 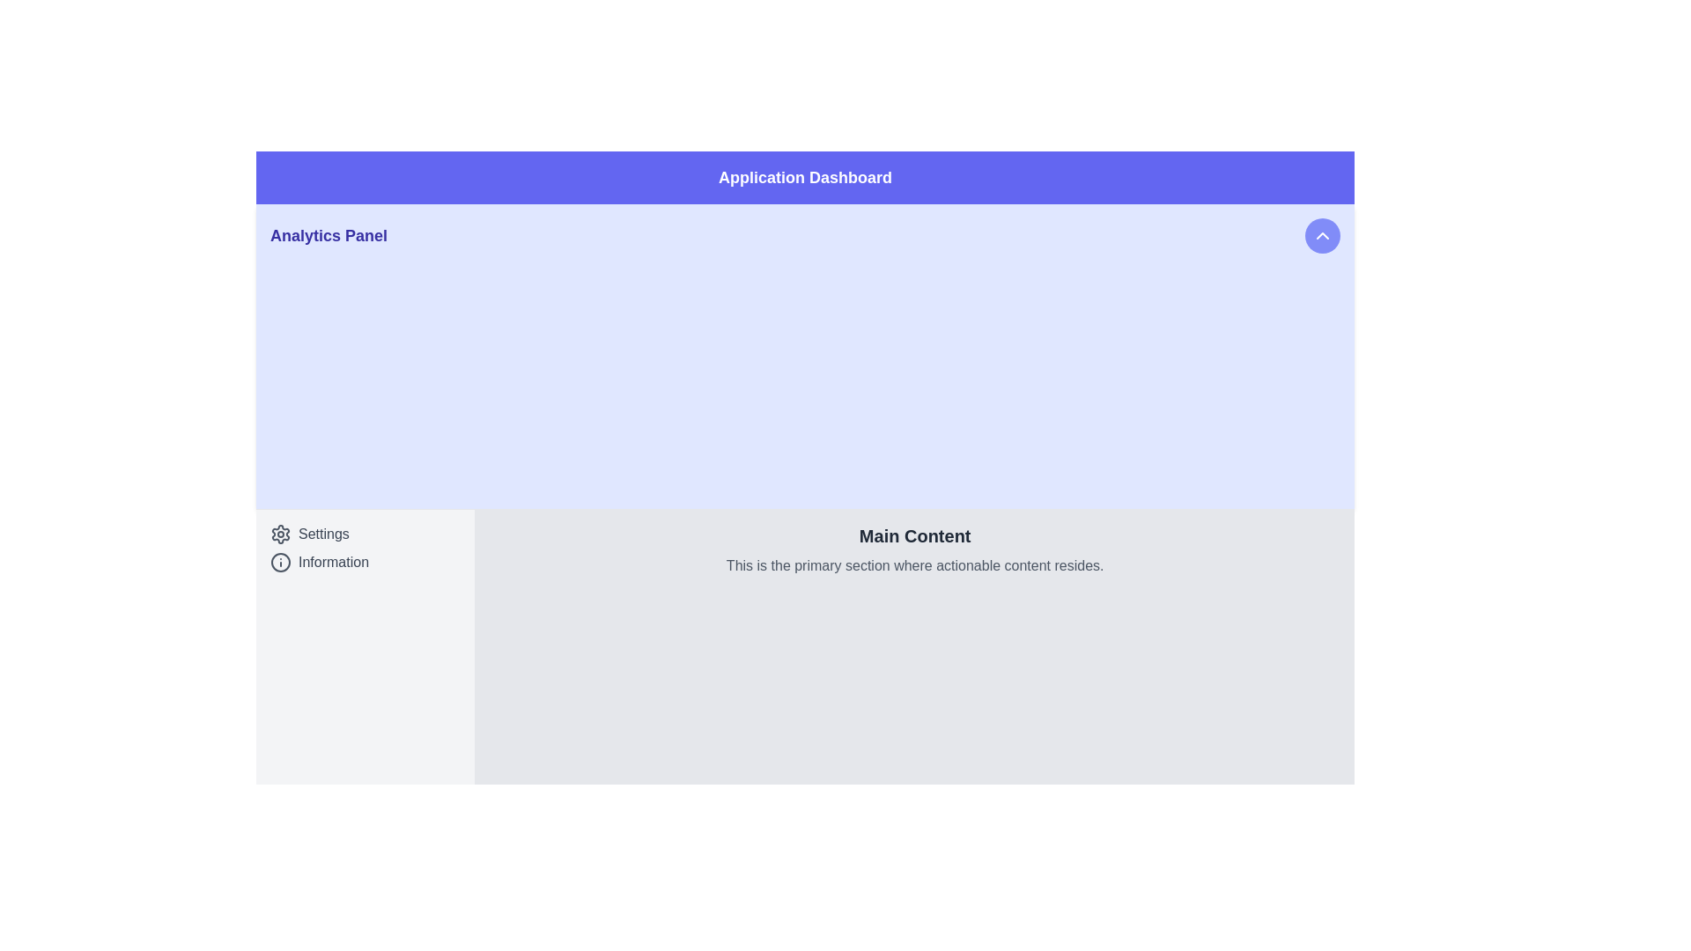 What do you see at coordinates (804, 177) in the screenshot?
I see `the Header bar with label text for accessibility aids` at bounding box center [804, 177].